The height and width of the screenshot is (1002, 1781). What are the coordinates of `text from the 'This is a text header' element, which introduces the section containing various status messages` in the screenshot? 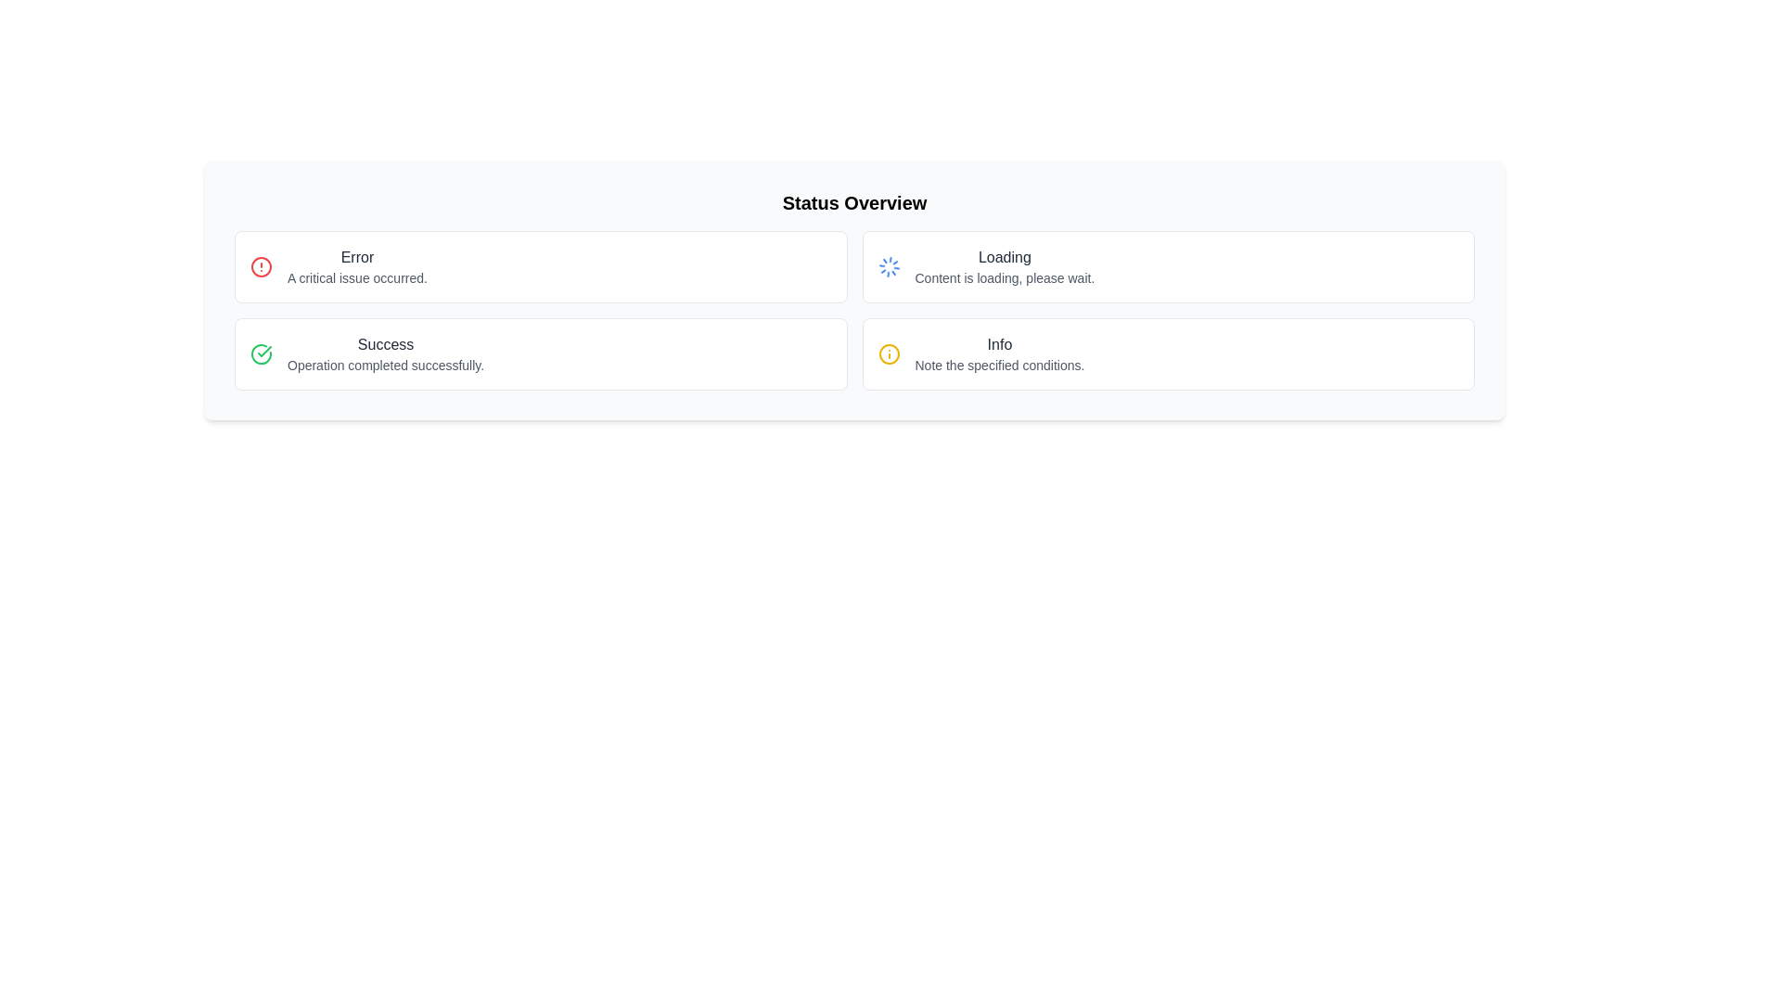 It's located at (853, 203).